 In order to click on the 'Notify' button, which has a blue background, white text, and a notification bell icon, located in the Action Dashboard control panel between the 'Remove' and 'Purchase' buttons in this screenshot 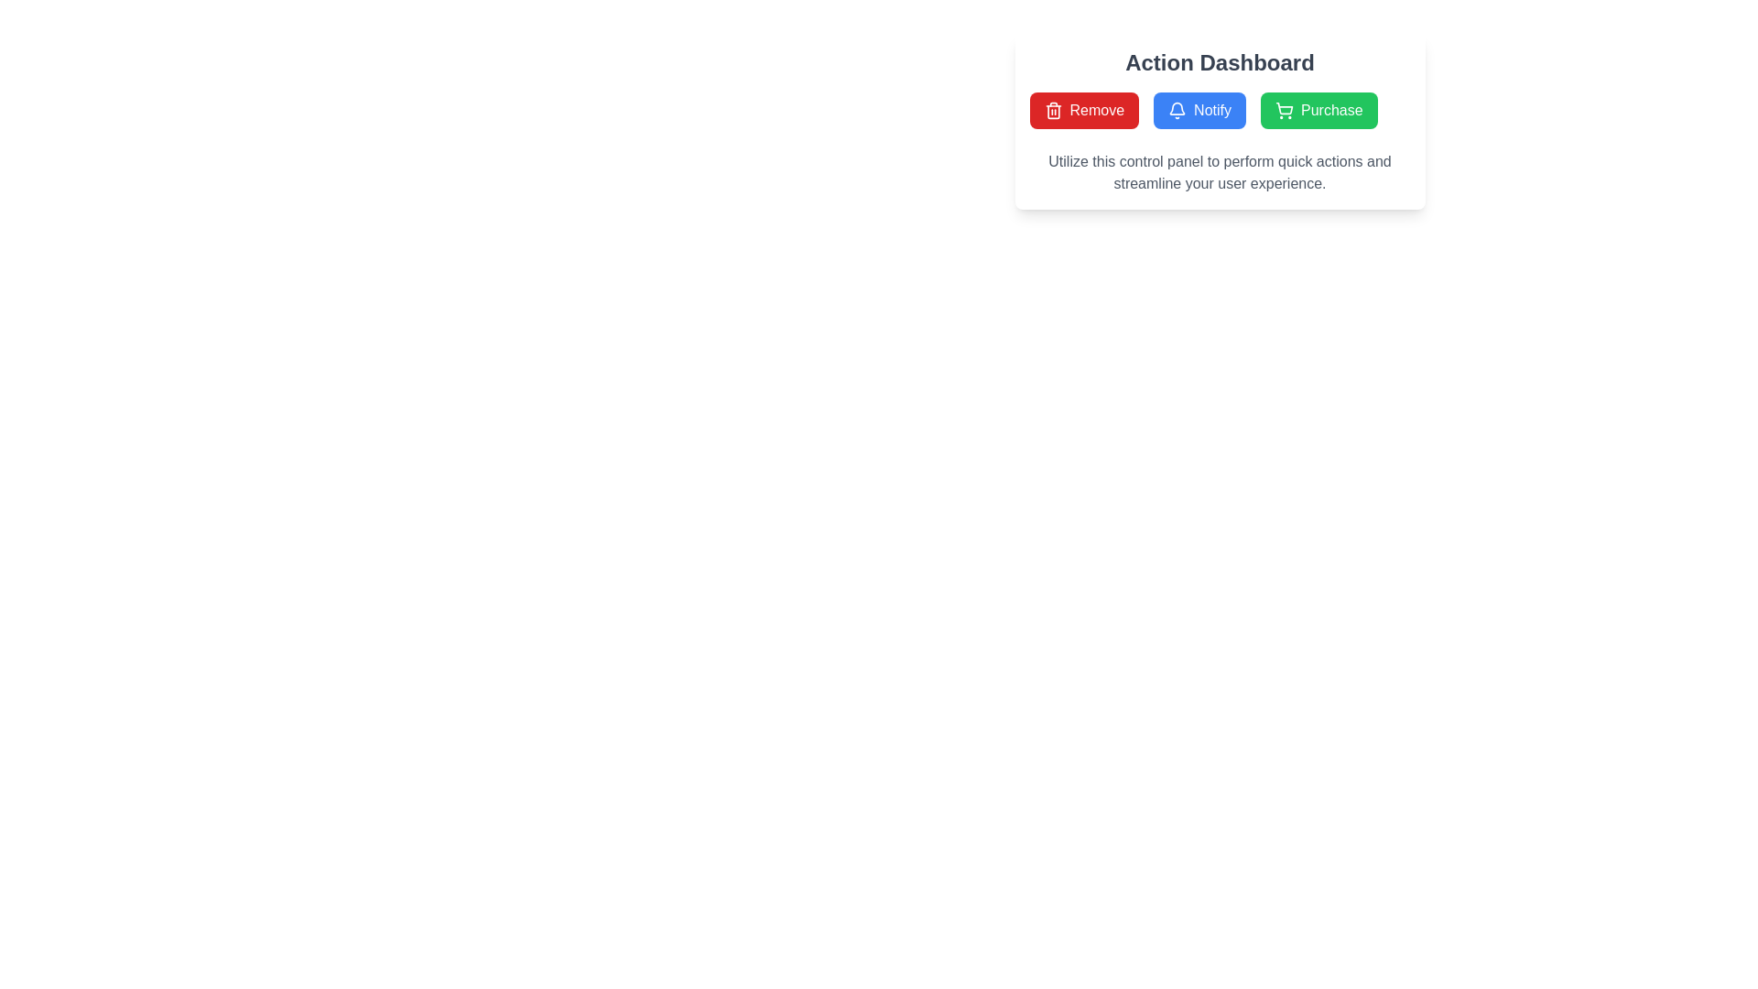, I will do `click(1220, 110)`.